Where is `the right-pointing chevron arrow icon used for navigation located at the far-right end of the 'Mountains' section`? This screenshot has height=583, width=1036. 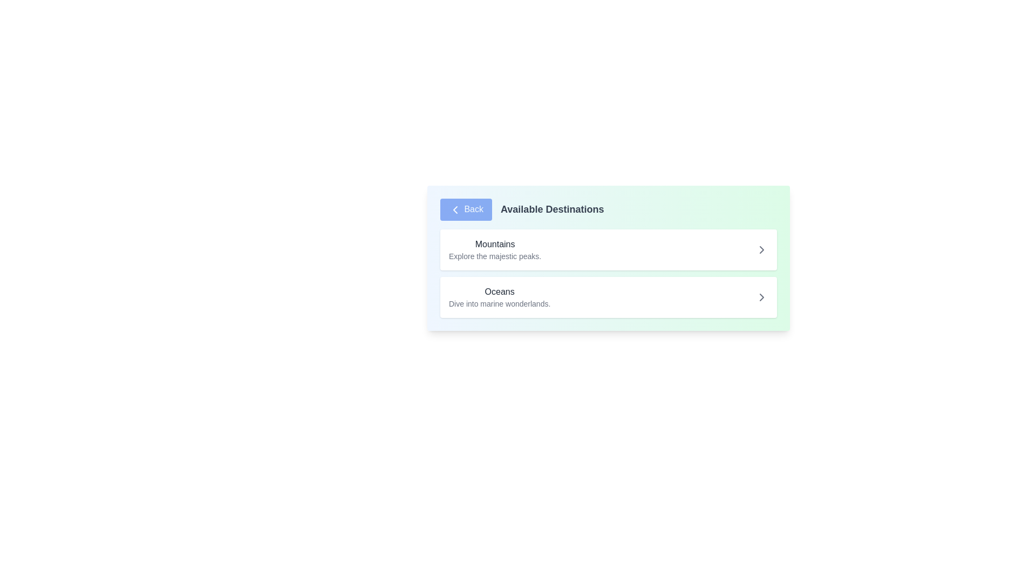
the right-pointing chevron arrow icon used for navigation located at the far-right end of the 'Mountains' section is located at coordinates (761, 249).